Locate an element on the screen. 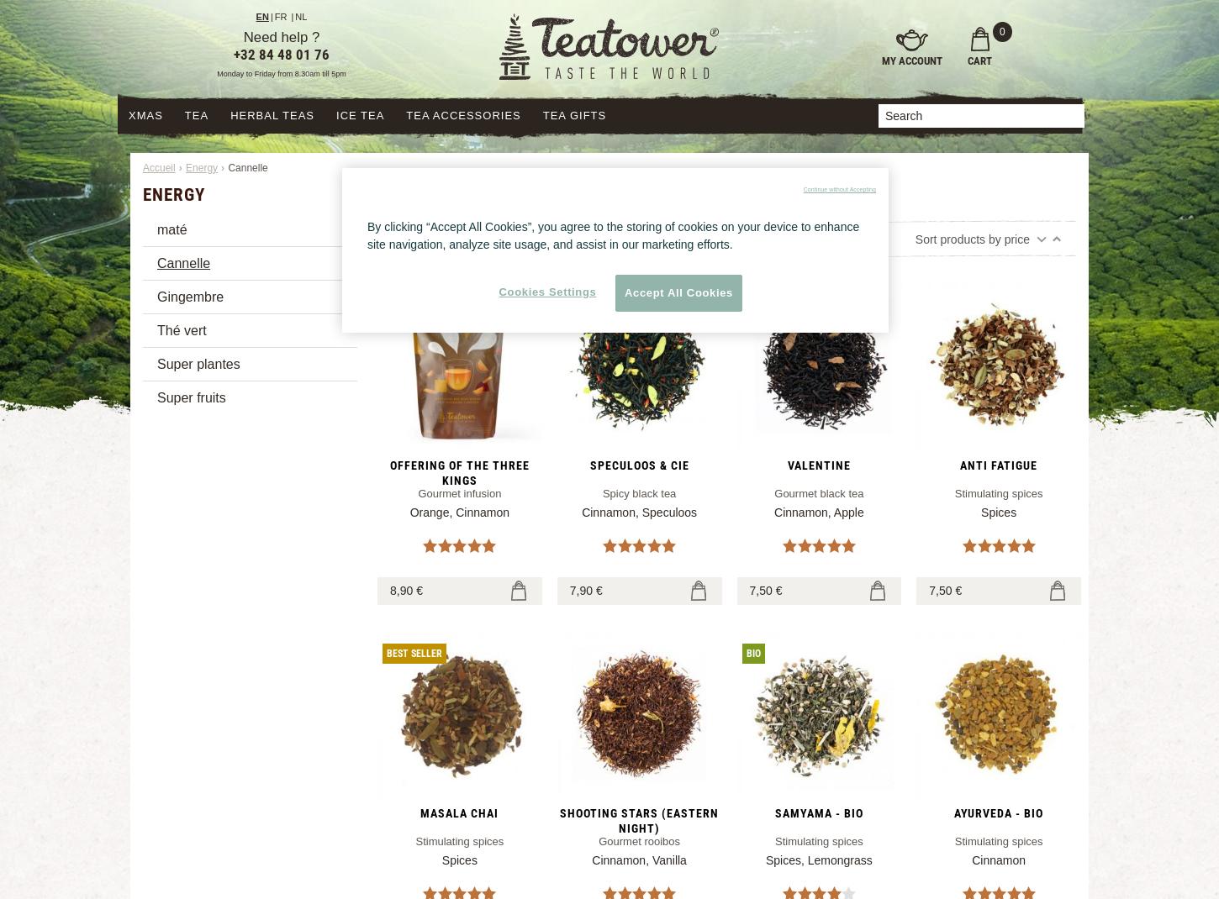  'Bio' is located at coordinates (752, 652).